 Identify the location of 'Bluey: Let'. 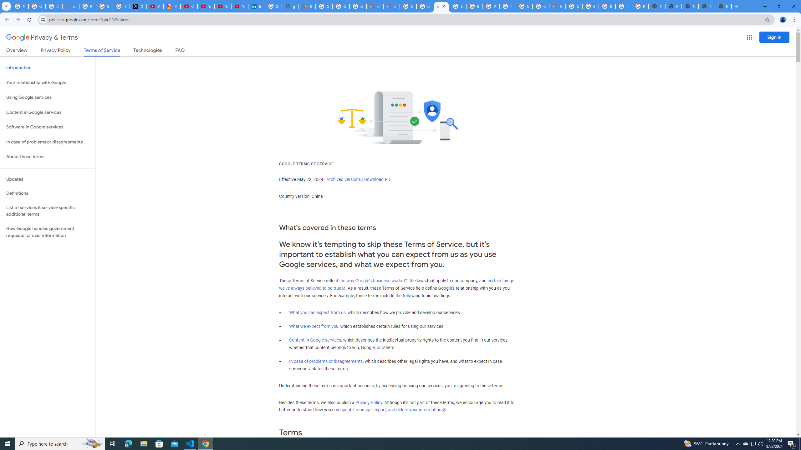
(307, 6).